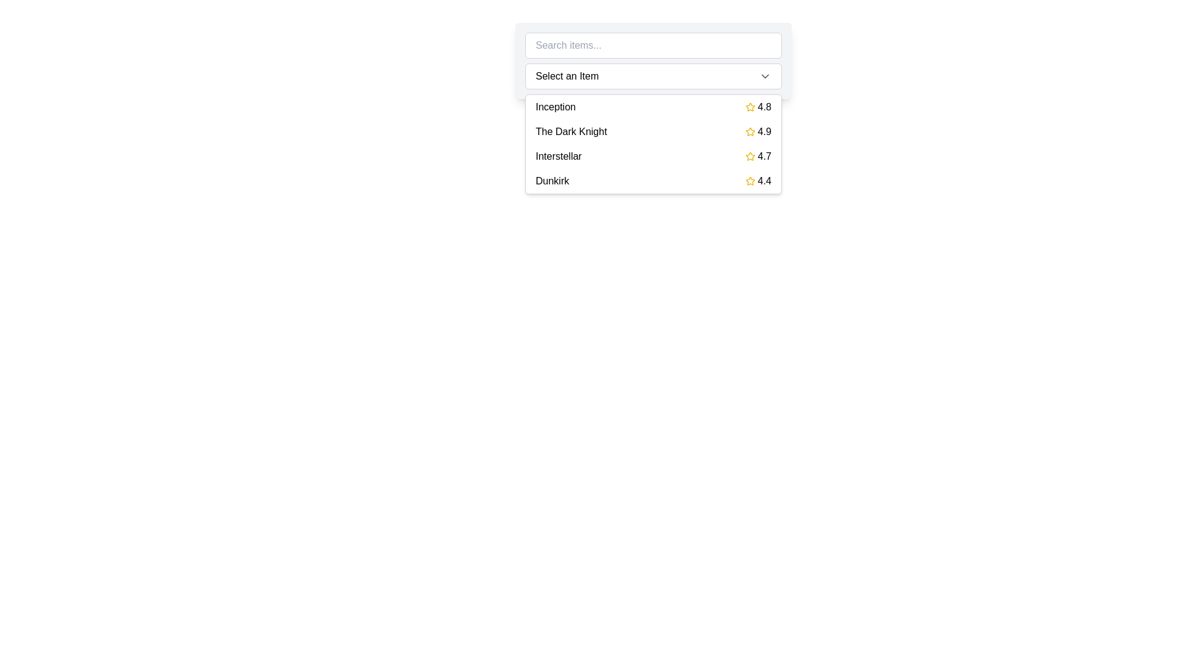 The image size is (1185, 666). I want to click on the rating value of the star icon representing a rating of 4.4 for the item 'Dunkirk', which is located in the fourth row of the list, so click(749, 181).